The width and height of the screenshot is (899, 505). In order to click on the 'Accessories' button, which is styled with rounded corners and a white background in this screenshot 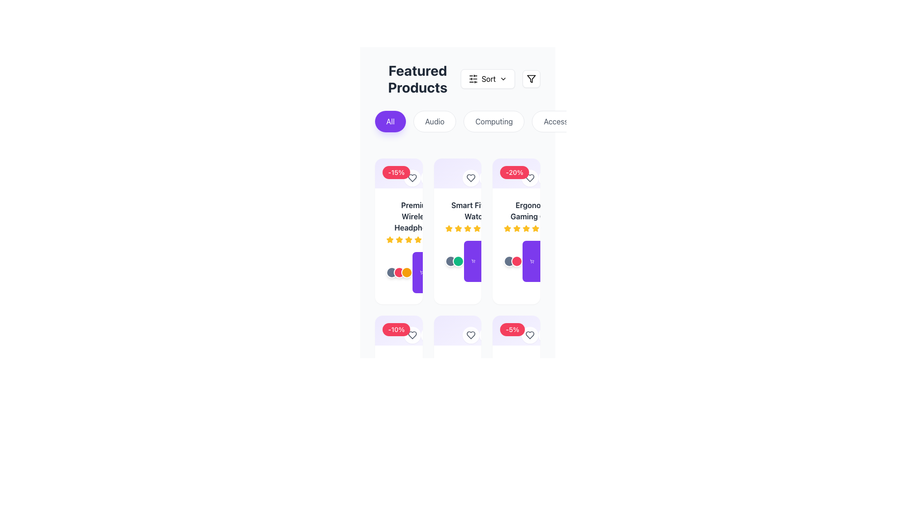, I will do `click(563, 121)`.